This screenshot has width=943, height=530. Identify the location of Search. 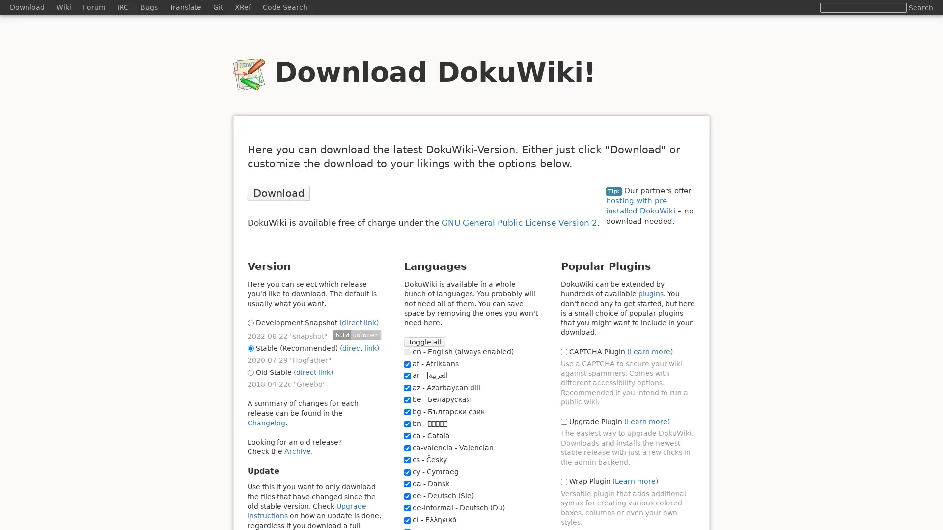
(920, 7).